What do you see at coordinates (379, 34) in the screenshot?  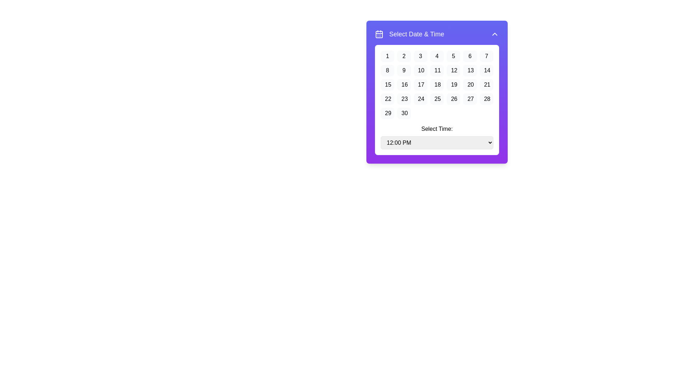 I see `the calendar icon located to the left of the 'Select Date & Time' text in the header section of the calendar and time selection widget` at bounding box center [379, 34].